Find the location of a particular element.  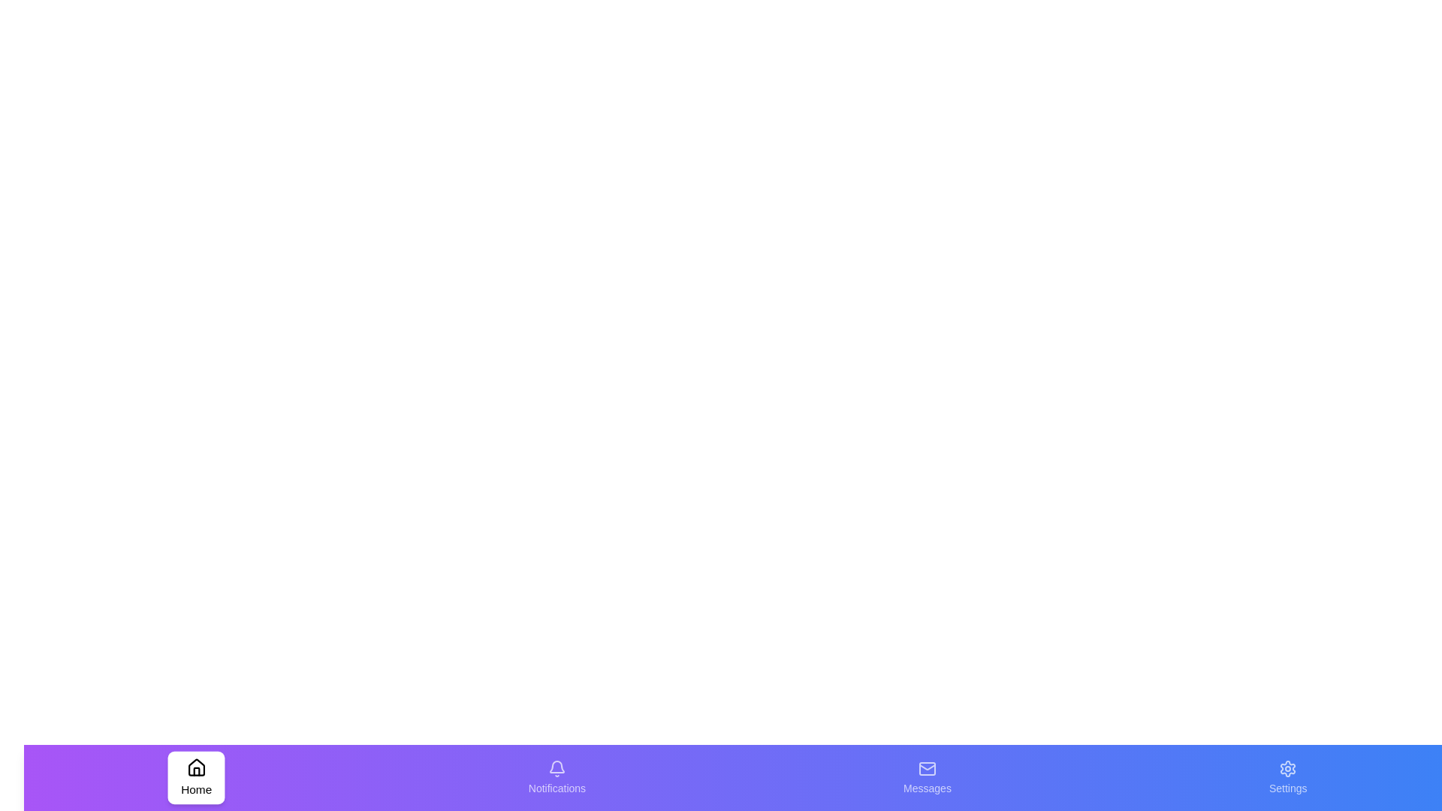

the Settings tab to observe its visual feedback is located at coordinates (1287, 777).